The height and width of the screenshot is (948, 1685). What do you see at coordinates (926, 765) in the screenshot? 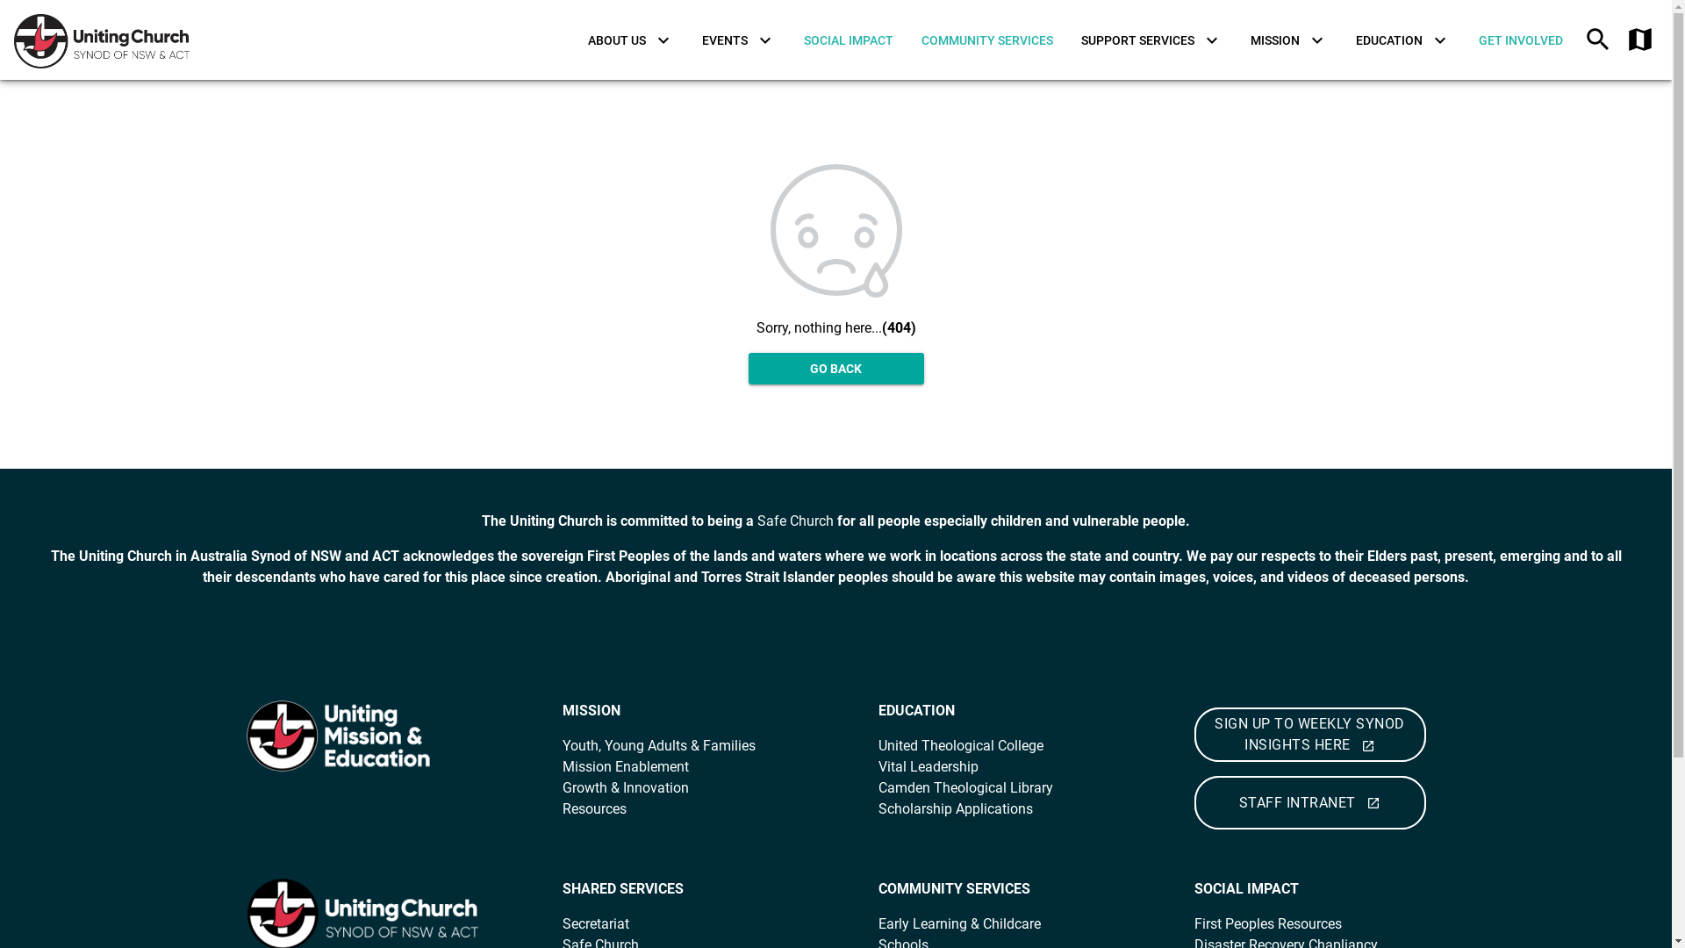
I see `'Vital Leadership'` at bounding box center [926, 765].